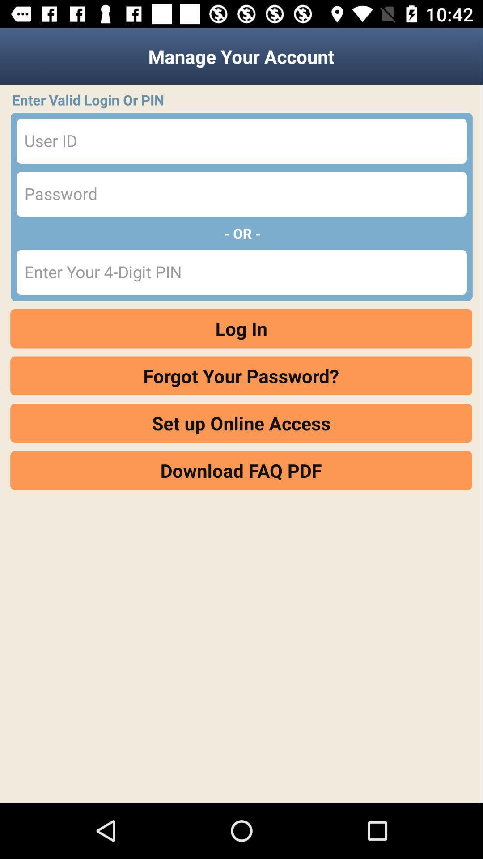  I want to click on the icon above the forgot your password? icon, so click(241, 328).